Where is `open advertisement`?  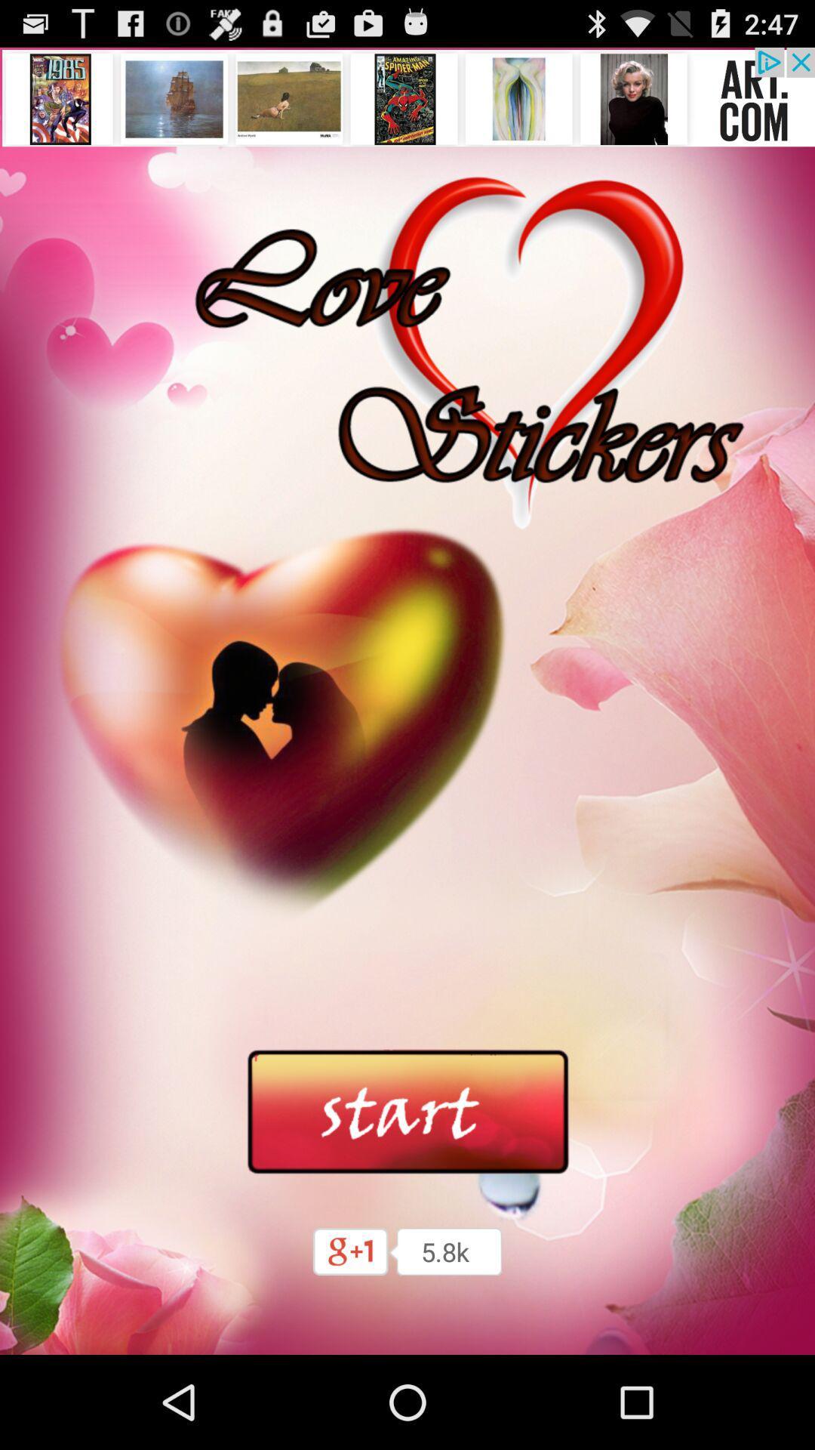 open advertisement is located at coordinates (407, 96).